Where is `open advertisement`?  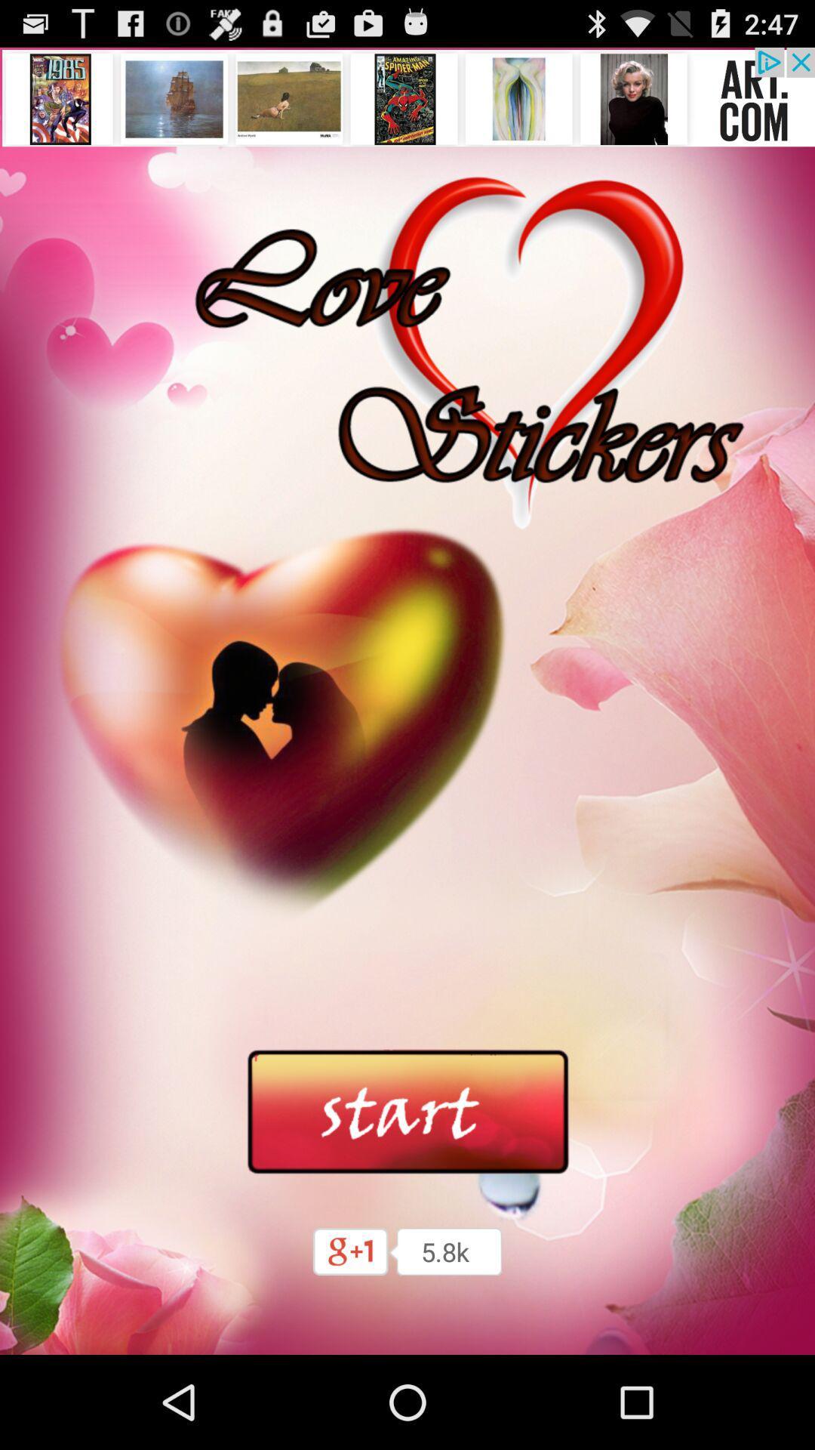 open advertisement is located at coordinates (407, 96).